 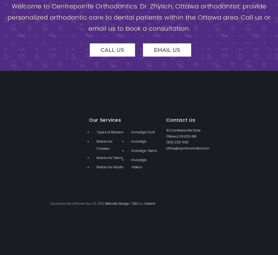 I want to click on 'Our Services', so click(x=105, y=120).